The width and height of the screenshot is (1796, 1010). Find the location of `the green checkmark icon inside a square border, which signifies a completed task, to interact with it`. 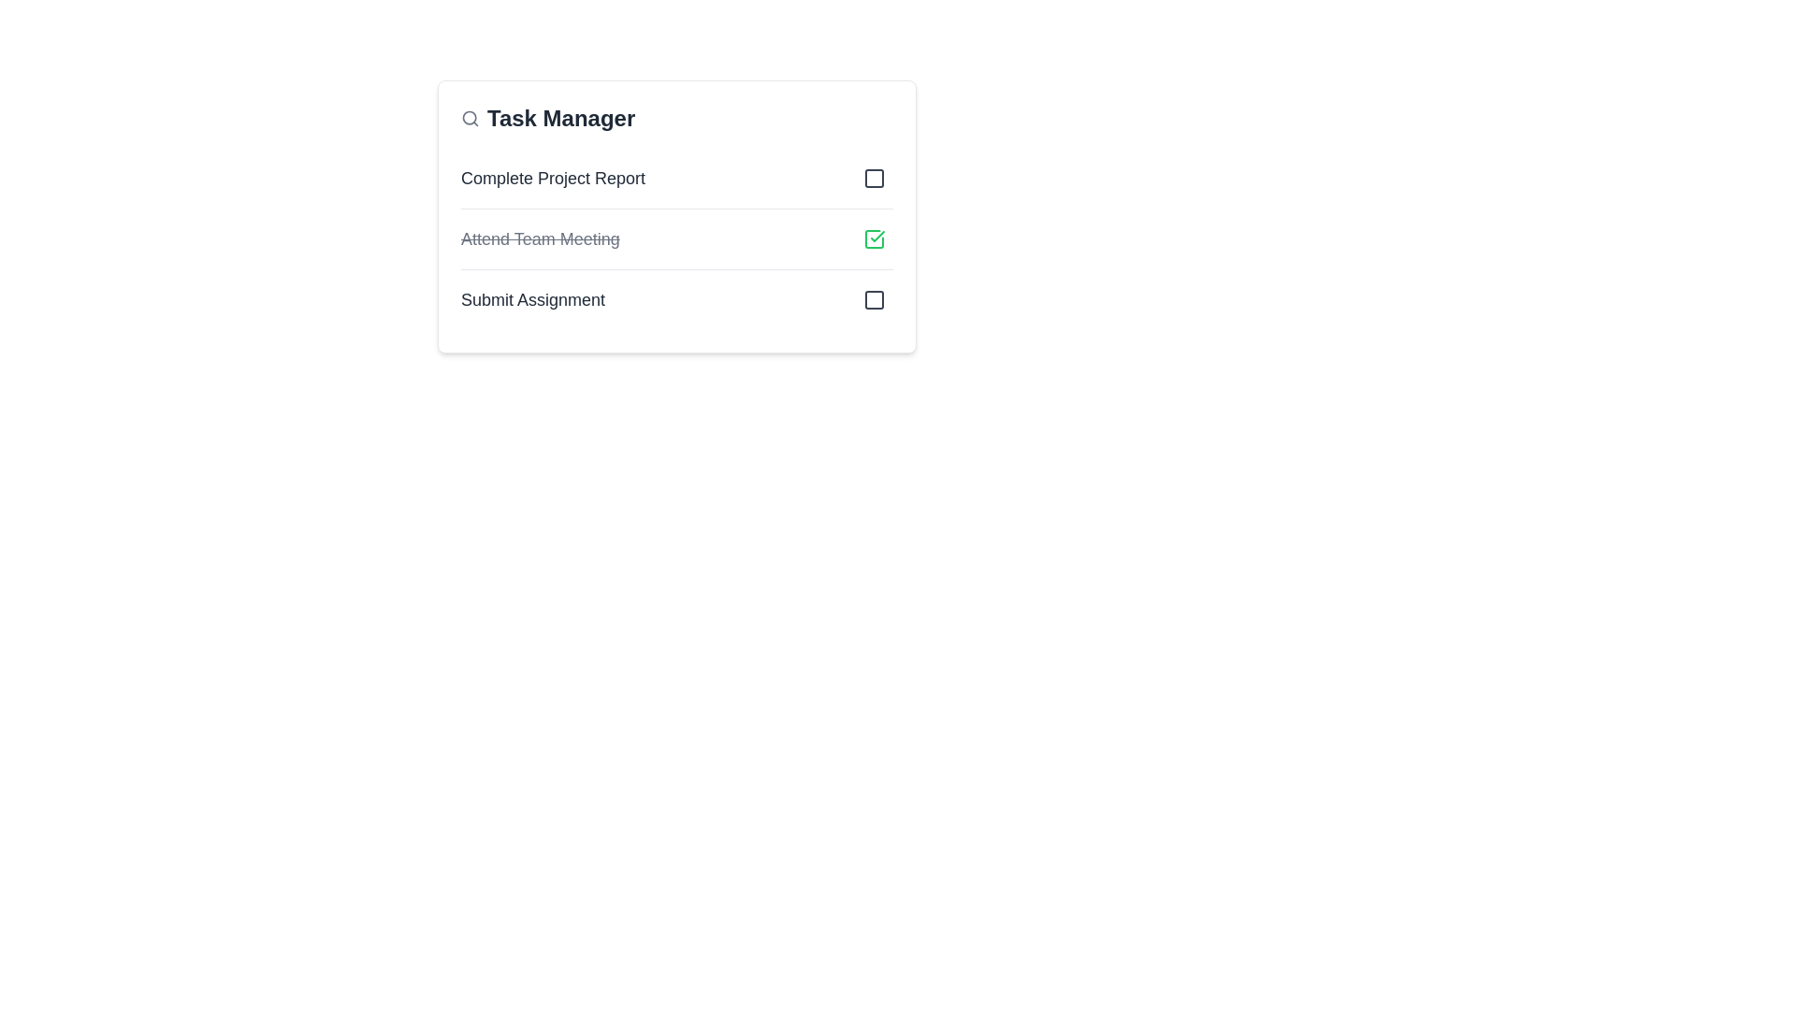

the green checkmark icon inside a square border, which signifies a completed task, to interact with it is located at coordinates (874, 238).